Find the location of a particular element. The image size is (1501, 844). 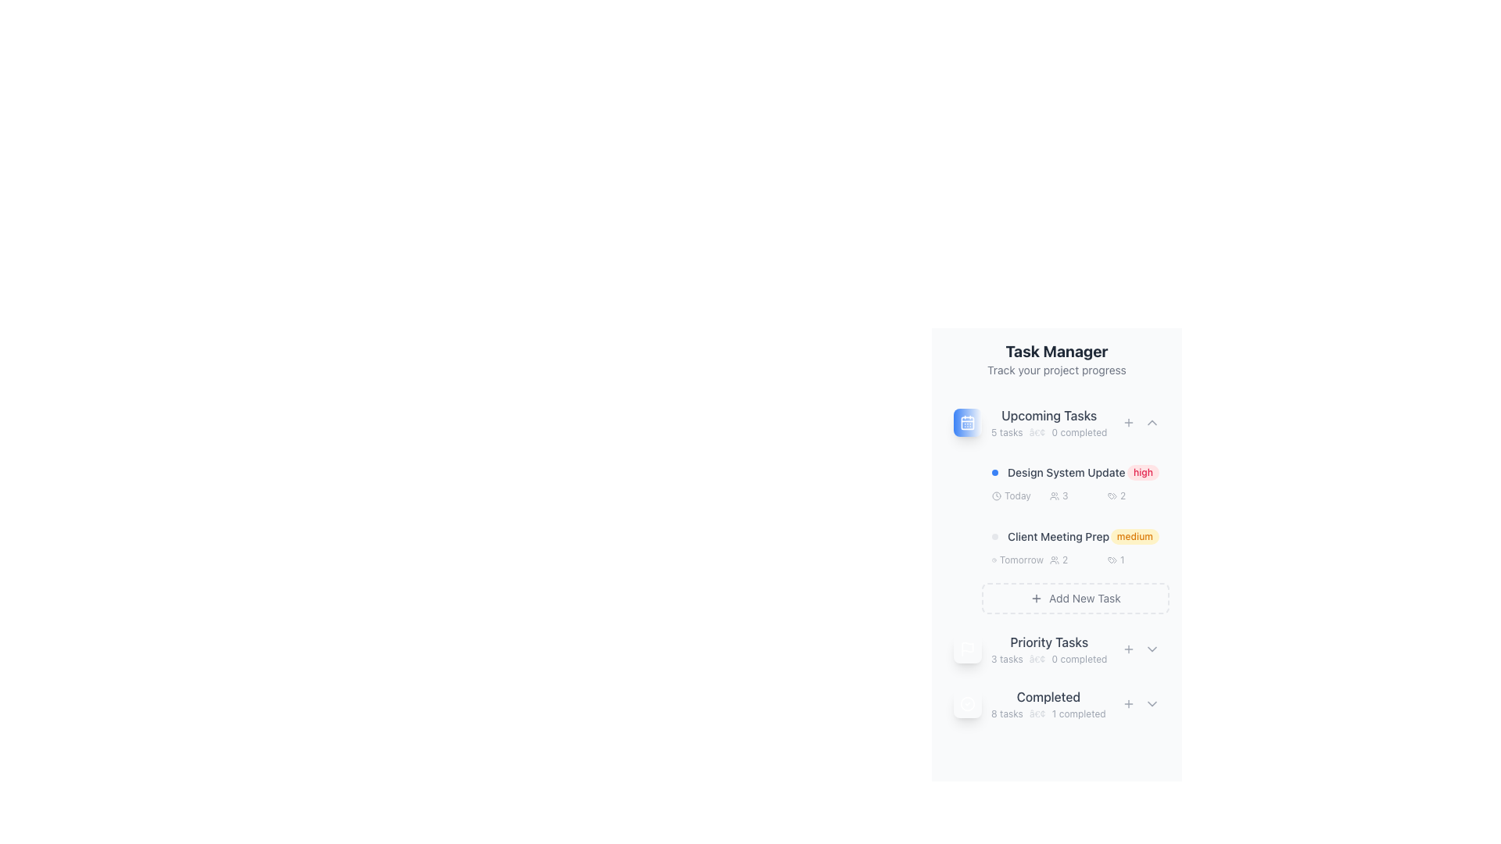

the flag icon is located at coordinates (1057, 649).